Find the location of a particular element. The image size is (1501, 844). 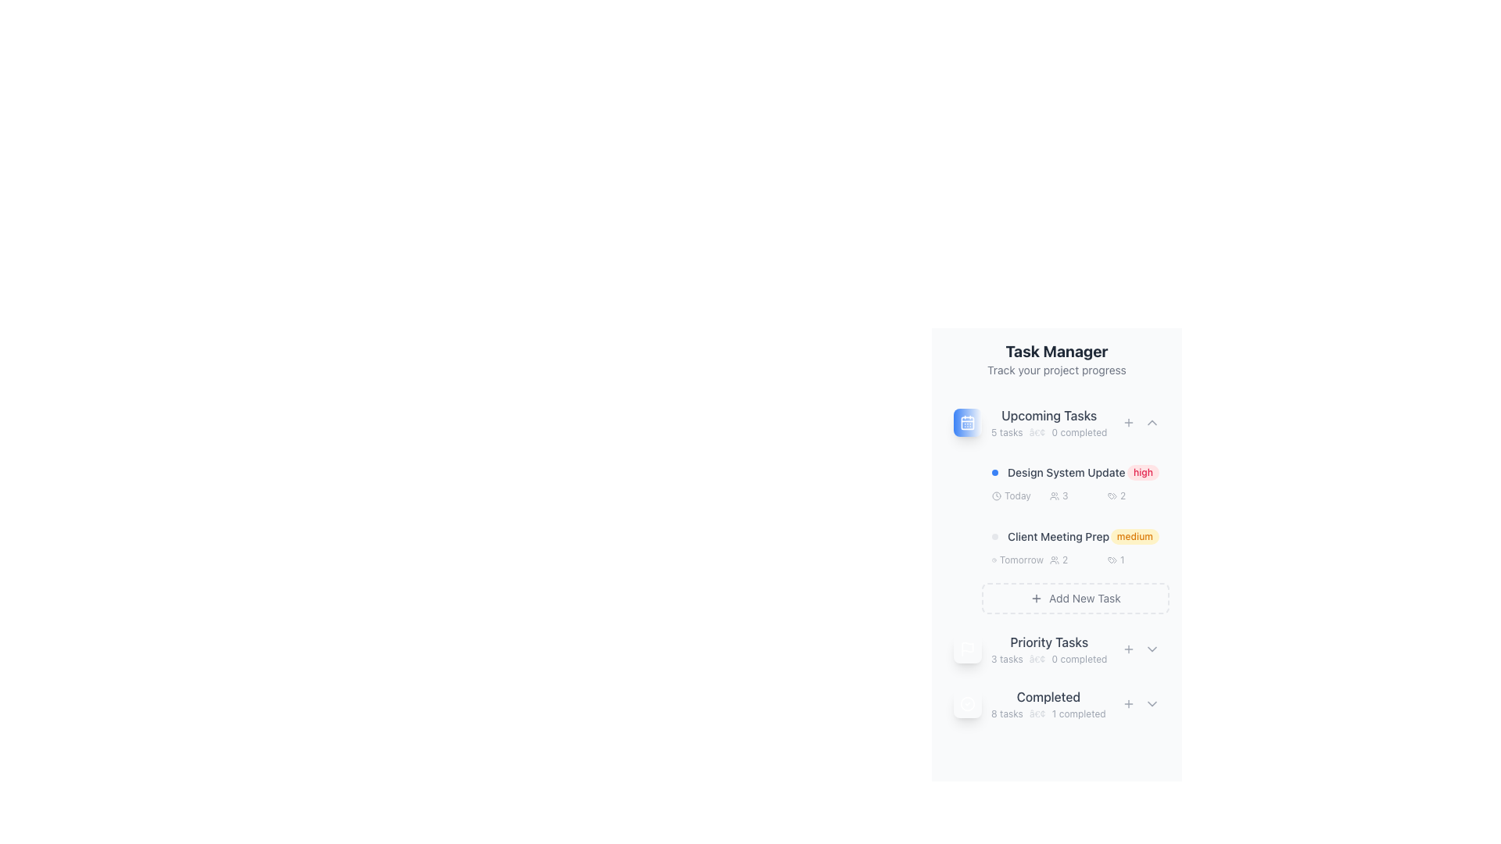

the flag icon is located at coordinates (1057, 649).